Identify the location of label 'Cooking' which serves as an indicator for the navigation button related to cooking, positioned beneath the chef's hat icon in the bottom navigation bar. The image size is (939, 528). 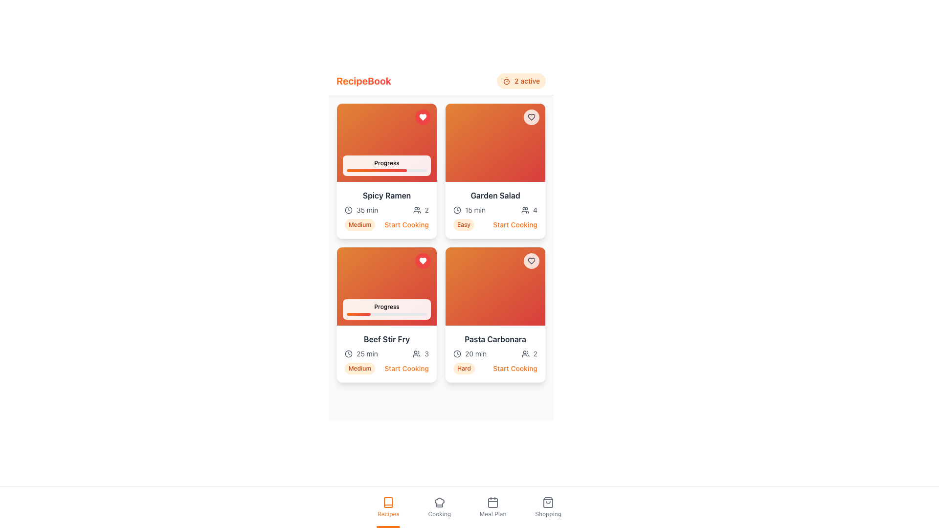
(439, 514).